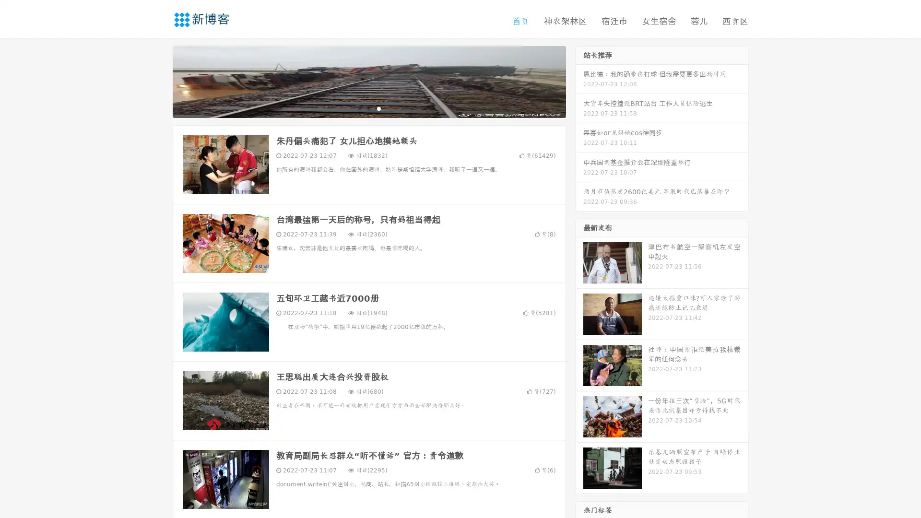 The height and width of the screenshot is (518, 921). Describe the element at coordinates (368, 108) in the screenshot. I see `Go to slide 2` at that location.